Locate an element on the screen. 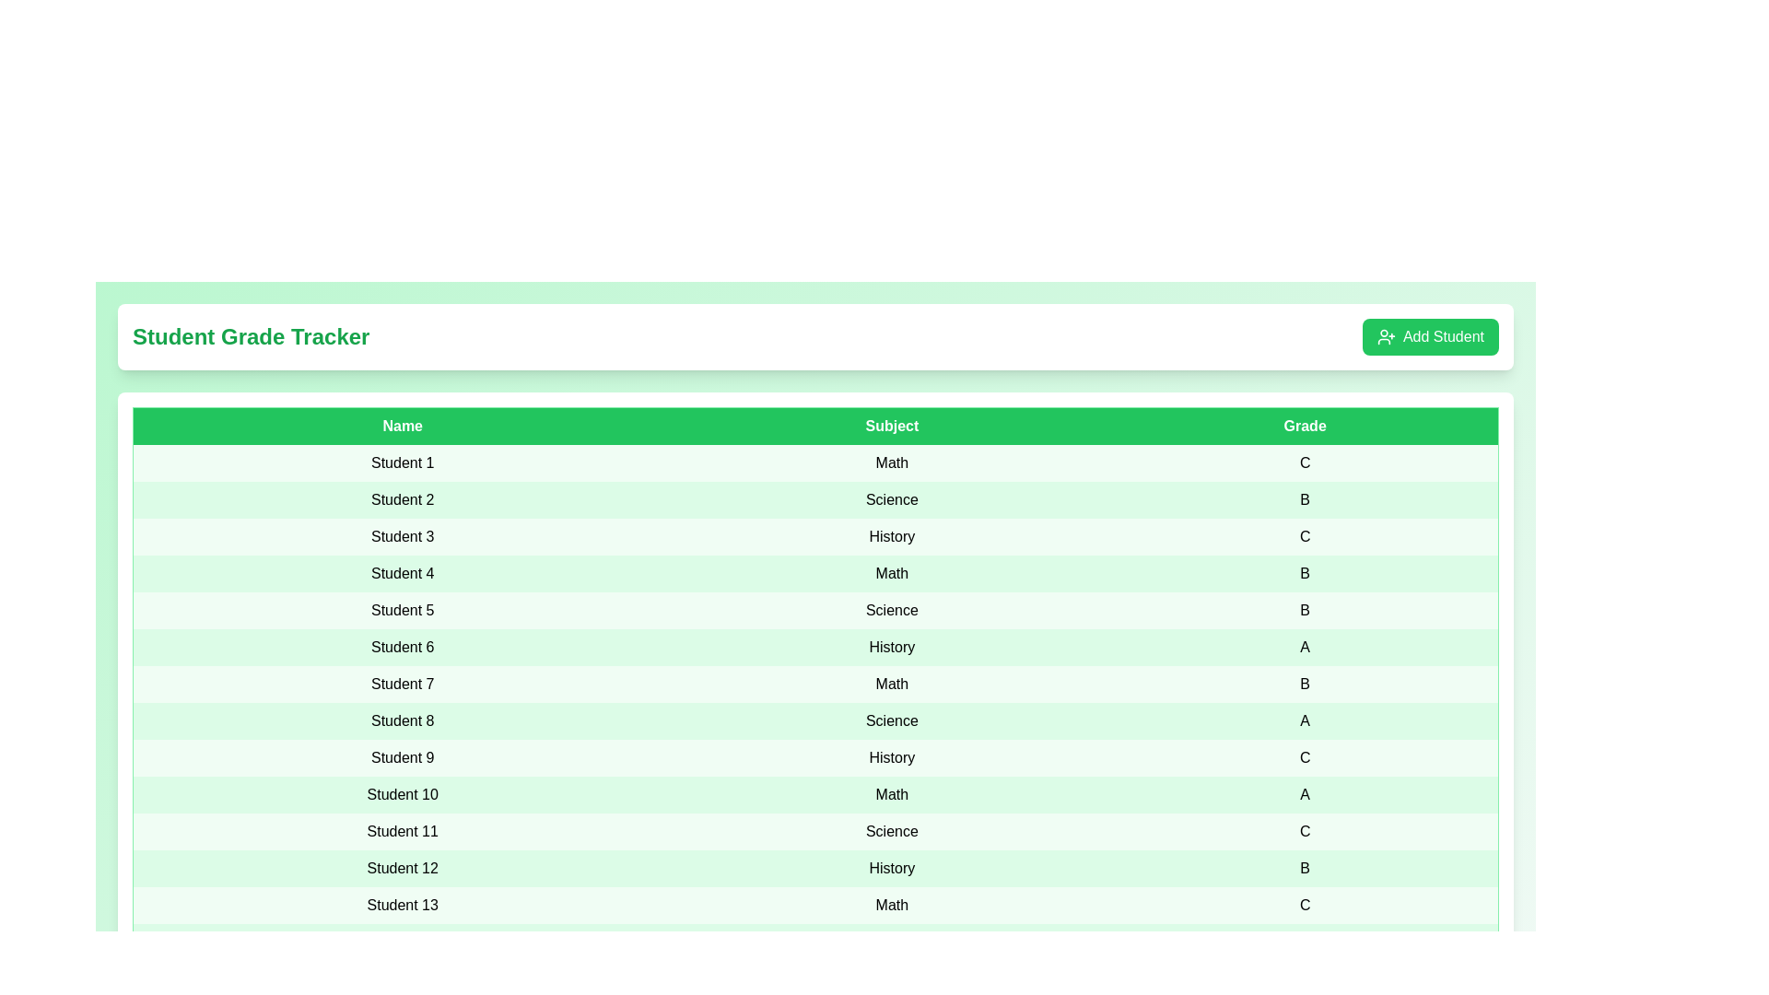  the column header 'Subject' to sort the table by that column is located at coordinates (892, 426).